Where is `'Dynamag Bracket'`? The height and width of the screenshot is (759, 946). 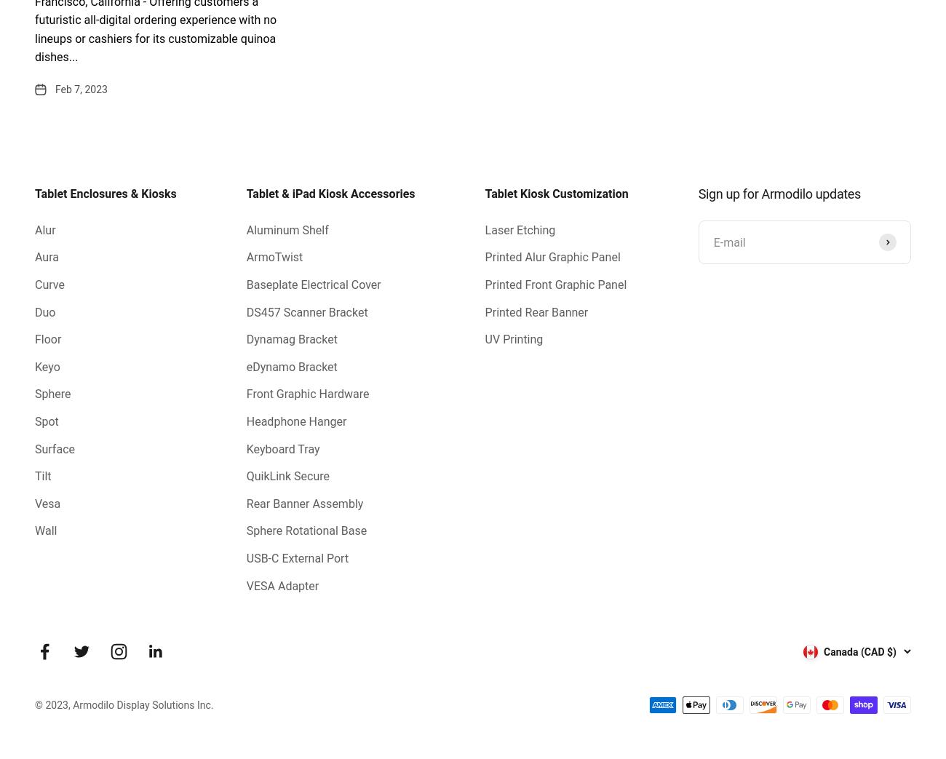
'Dynamag Bracket' is located at coordinates (291, 338).